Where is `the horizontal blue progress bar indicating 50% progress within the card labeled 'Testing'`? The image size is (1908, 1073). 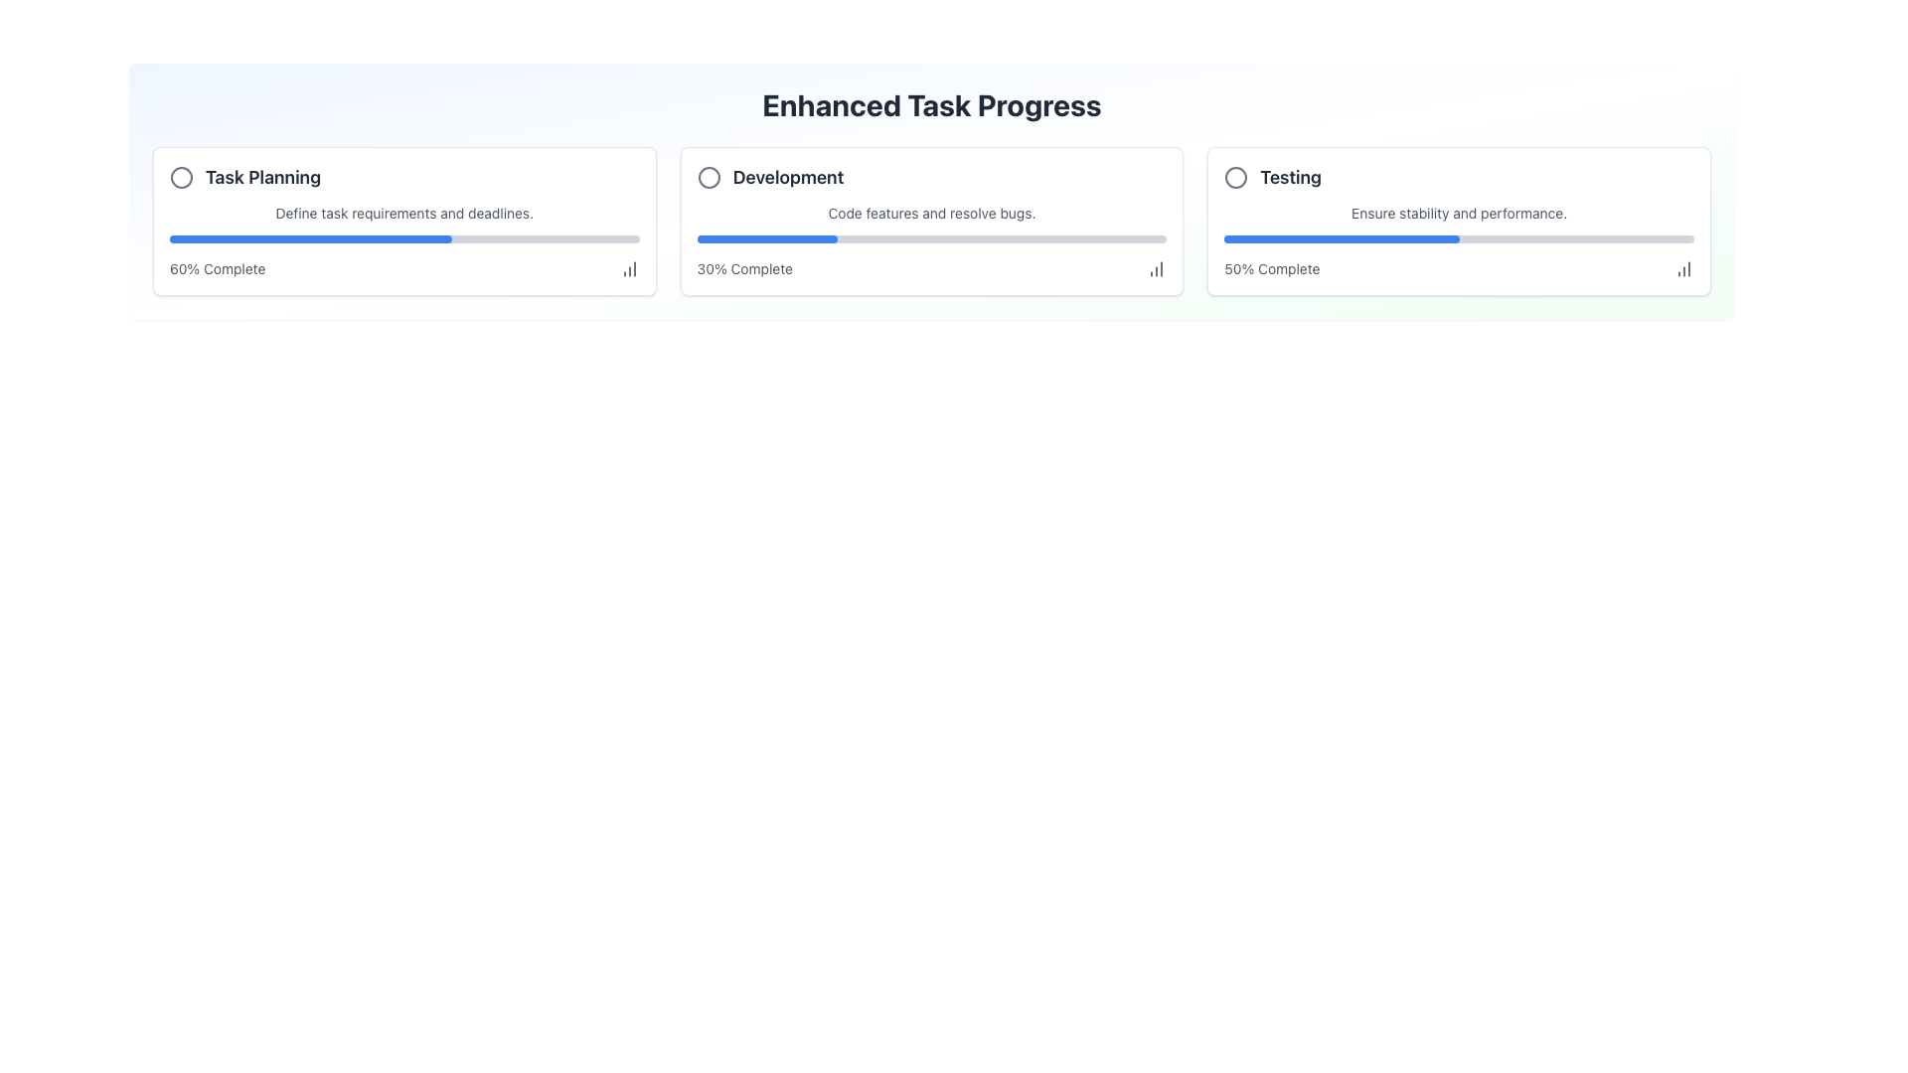
the horizontal blue progress bar indicating 50% progress within the card labeled 'Testing' is located at coordinates (1342, 237).